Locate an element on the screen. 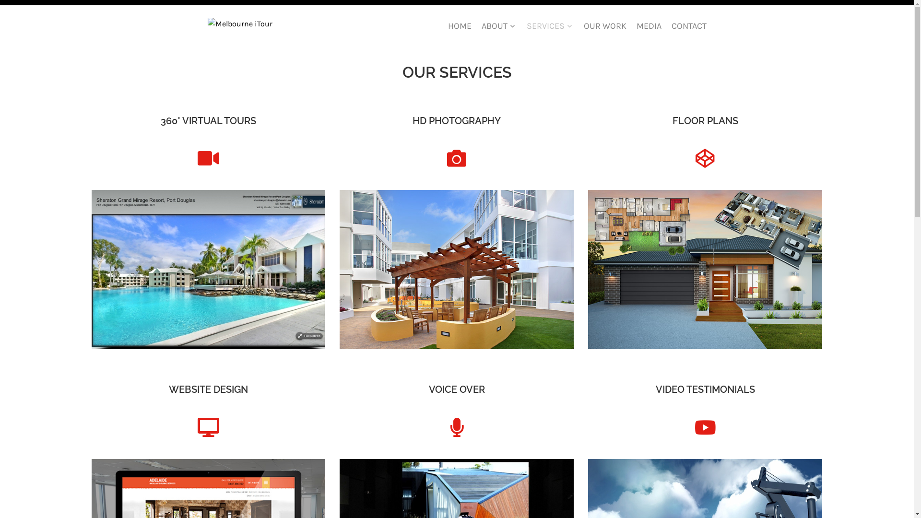 Image resolution: width=921 pixels, height=518 pixels. 'OUR WORK' is located at coordinates (600, 25).